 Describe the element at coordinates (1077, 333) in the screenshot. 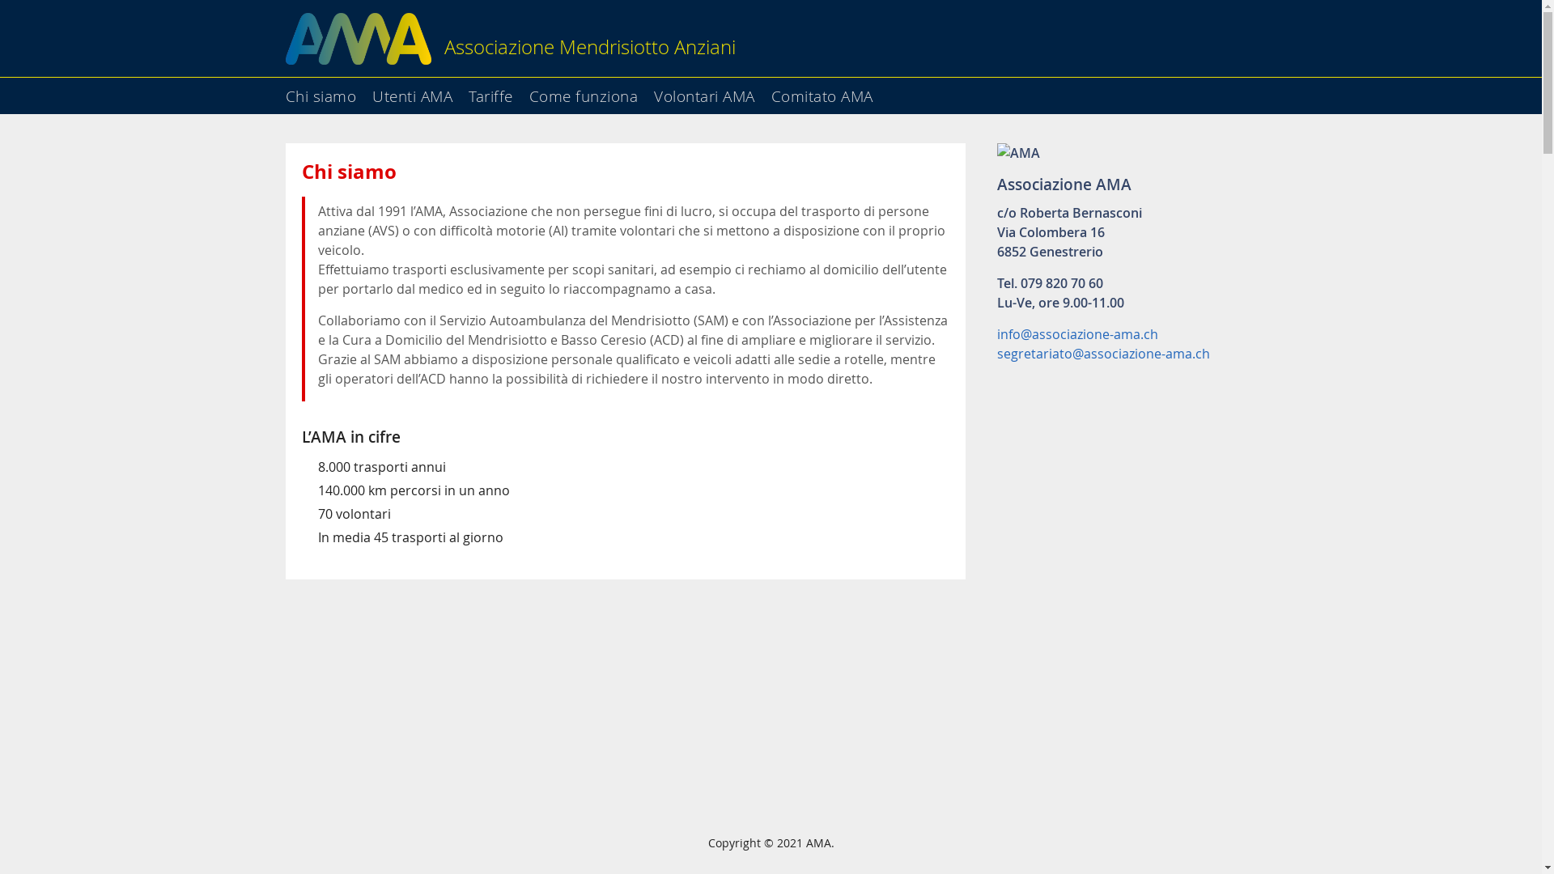

I see `'info@associazione-ama.ch'` at that location.